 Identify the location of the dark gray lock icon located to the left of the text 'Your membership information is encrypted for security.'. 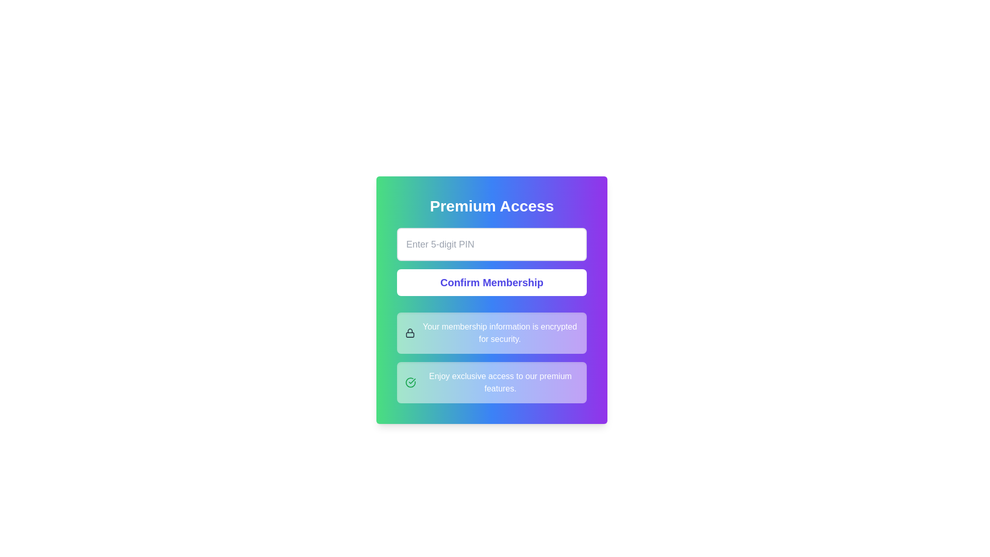
(409, 333).